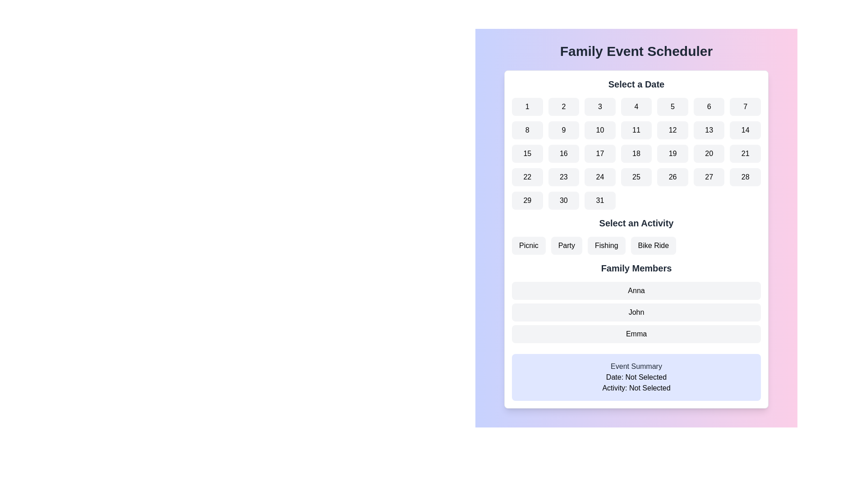 The height and width of the screenshot is (487, 866). I want to click on the button representing the 23rd day of the month in the calendar date picker interface, so click(563, 177).